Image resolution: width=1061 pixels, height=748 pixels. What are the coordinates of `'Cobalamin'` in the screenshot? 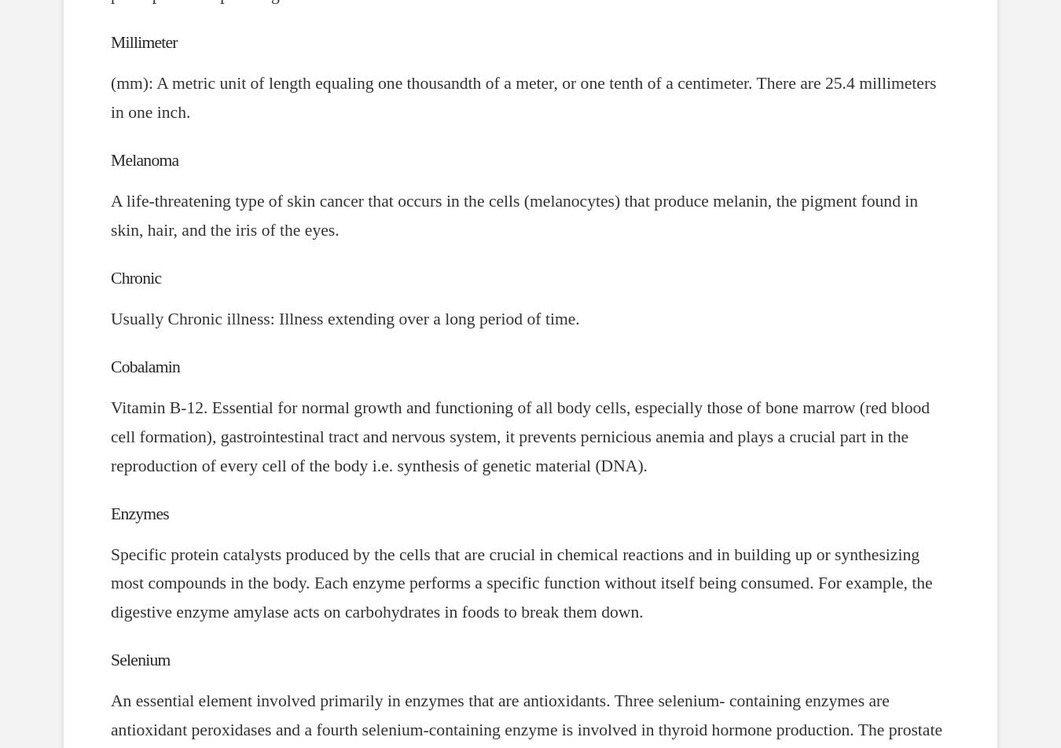 It's located at (110, 366).